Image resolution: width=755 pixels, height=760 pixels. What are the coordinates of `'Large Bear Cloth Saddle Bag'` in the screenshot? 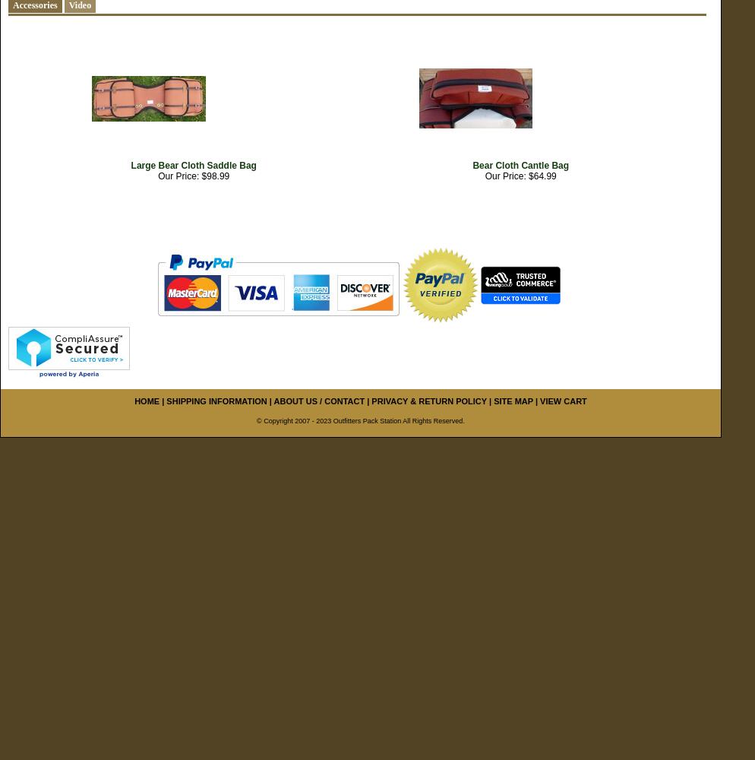 It's located at (192, 165).